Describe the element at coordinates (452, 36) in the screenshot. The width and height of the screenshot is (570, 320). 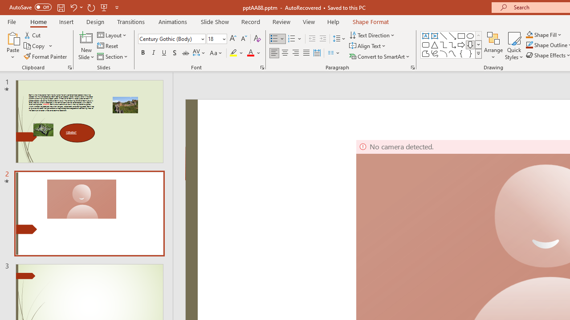
I see `'Line Arrow'` at that location.